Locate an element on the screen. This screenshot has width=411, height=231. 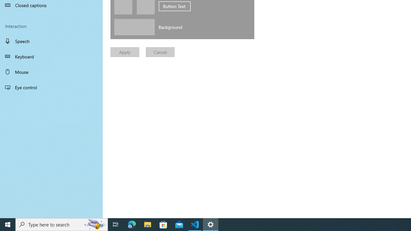
'Microsoft Edge' is located at coordinates (132, 224).